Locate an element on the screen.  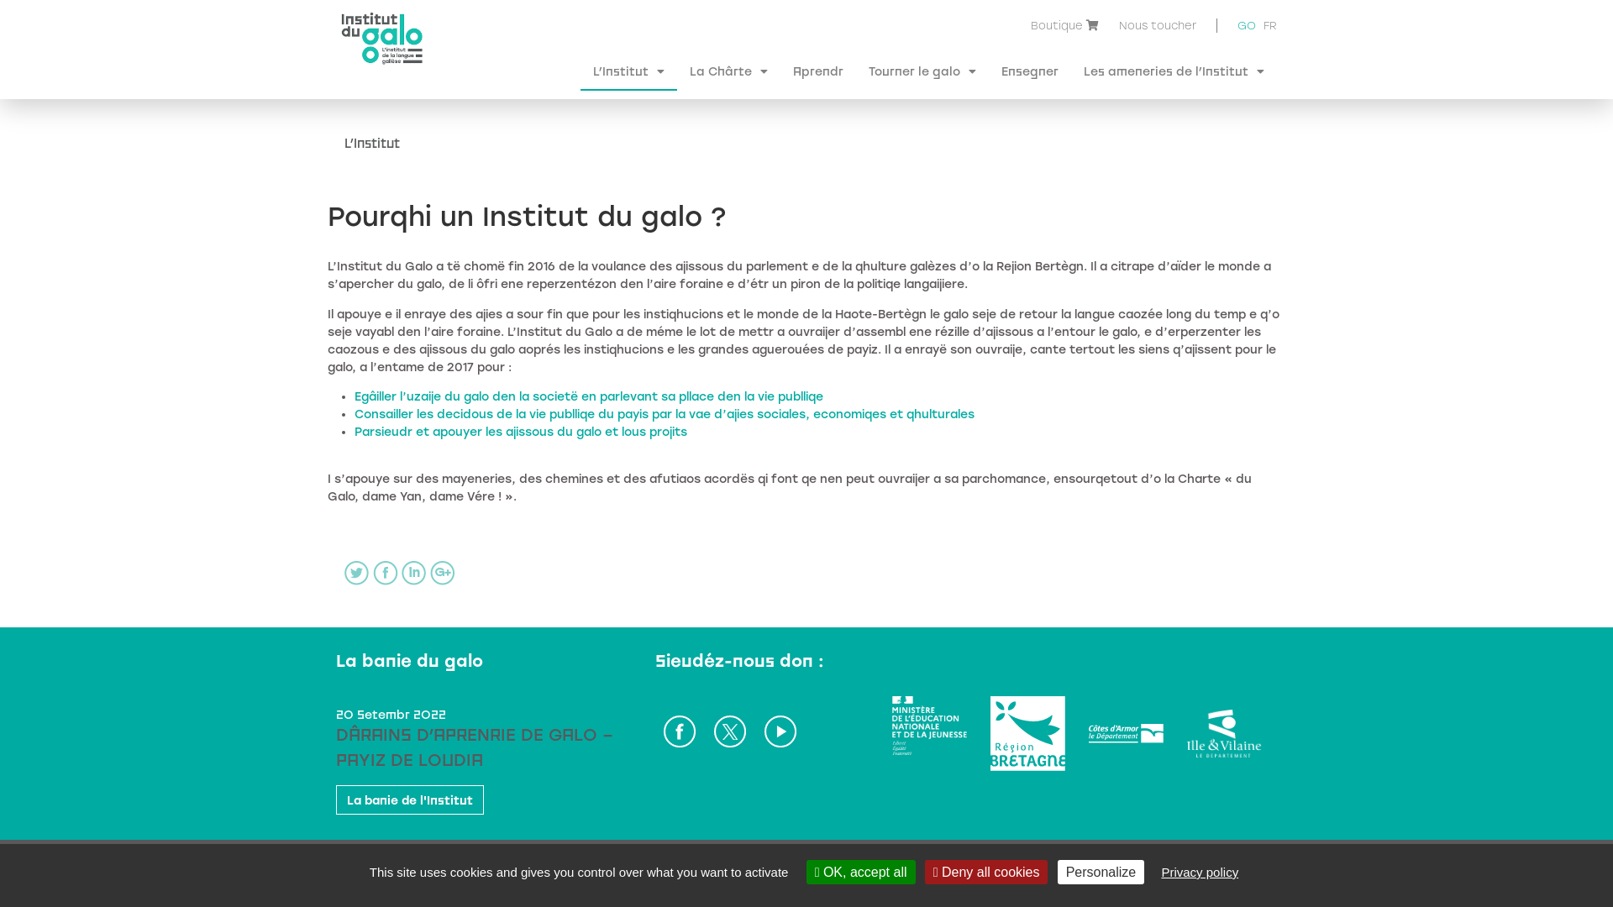
'La banie de l'Institut' is located at coordinates (410, 799).